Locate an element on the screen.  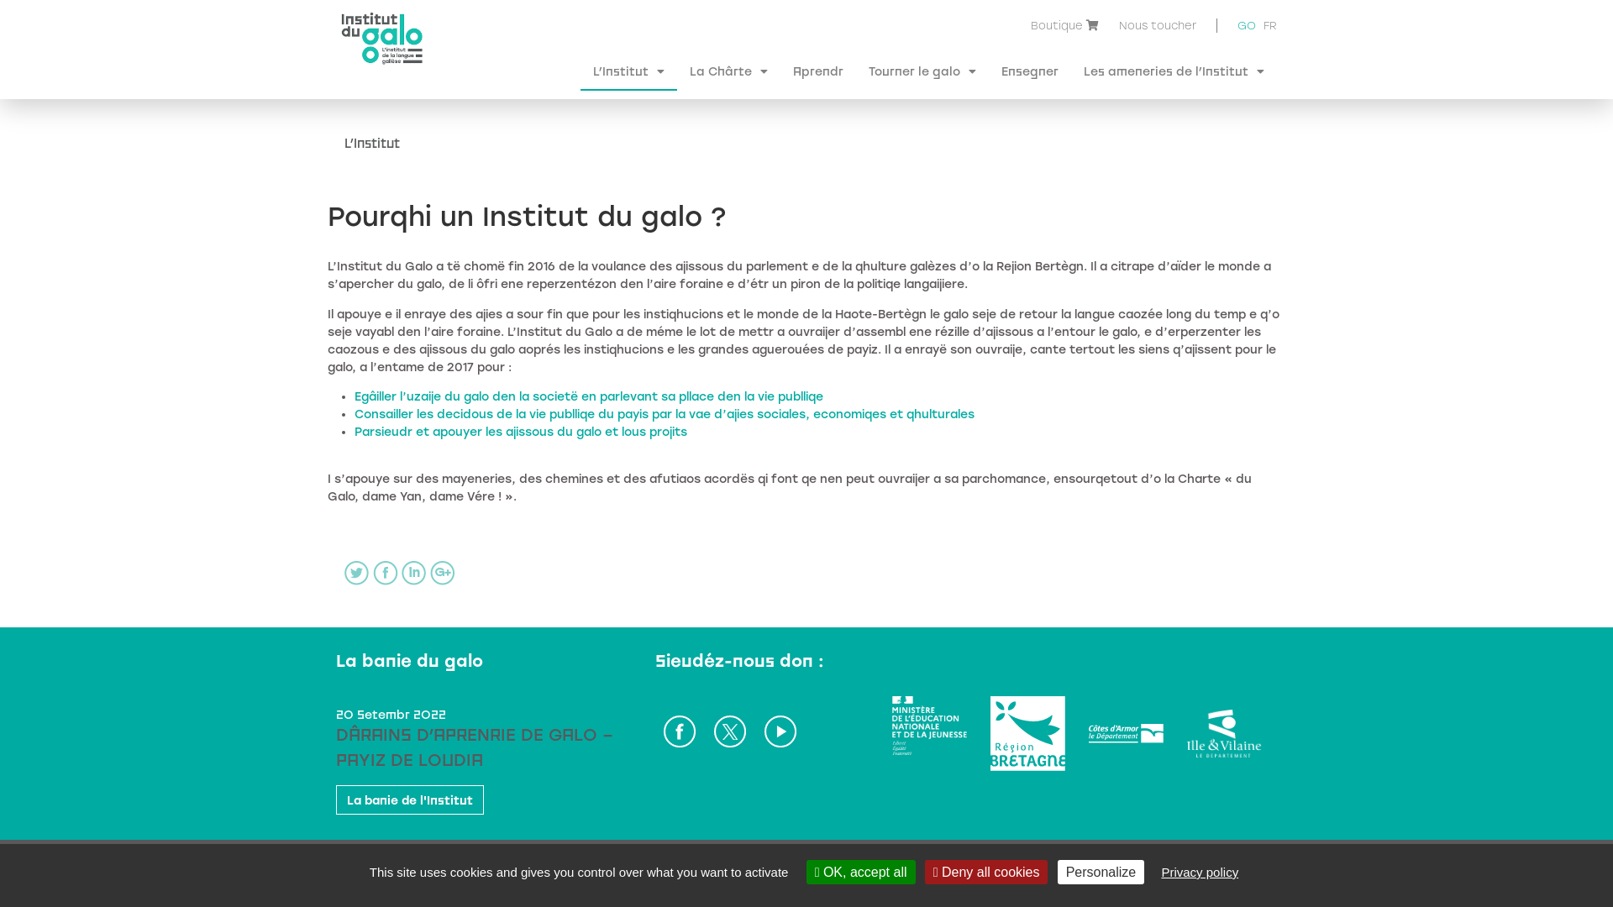
'La banie de l'Institut' is located at coordinates (410, 799).